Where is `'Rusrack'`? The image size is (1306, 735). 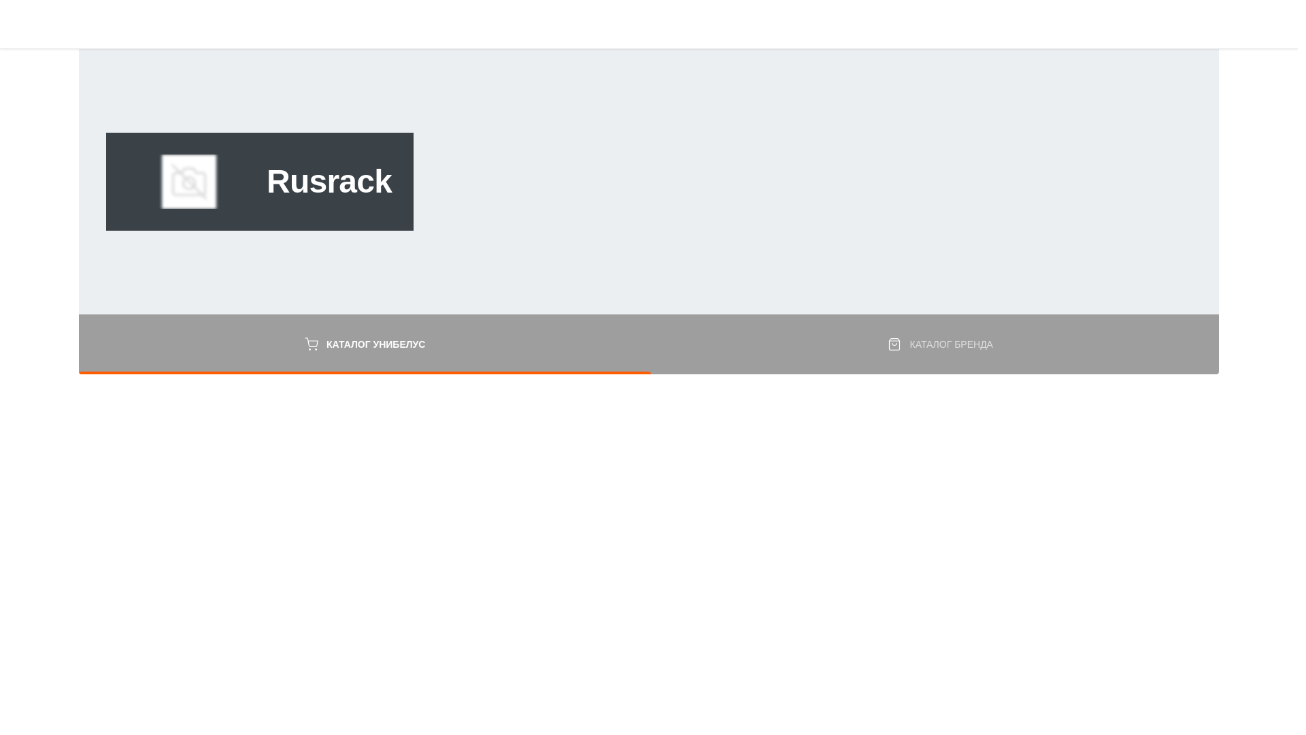
'Rusrack' is located at coordinates (188, 180).